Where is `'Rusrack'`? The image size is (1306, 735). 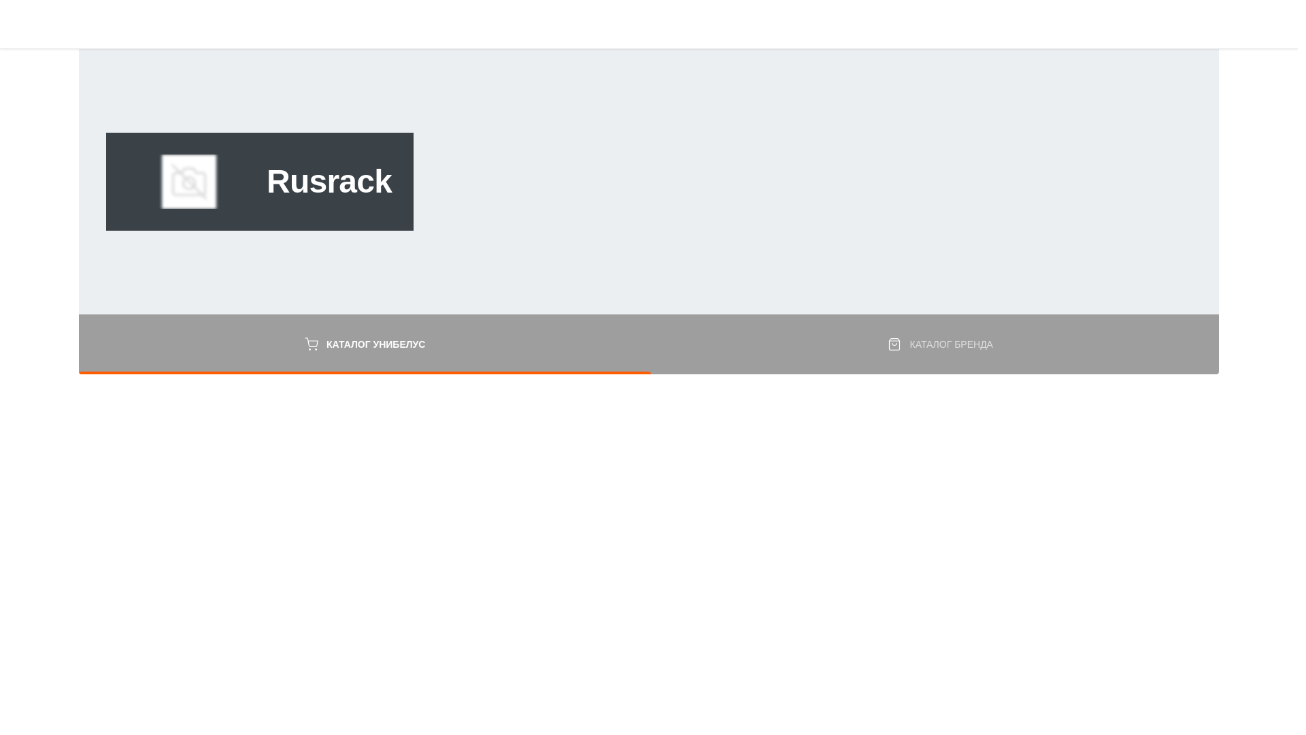
'Rusrack' is located at coordinates (188, 180).